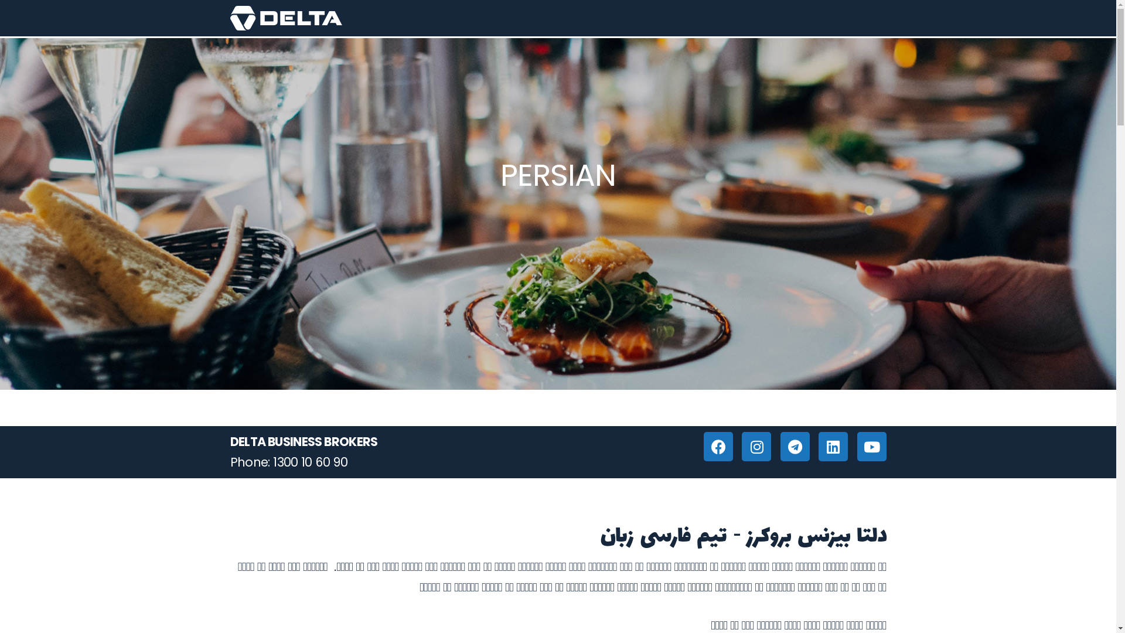 This screenshot has height=633, width=1125. What do you see at coordinates (286, 18) in the screenshot?
I see `'Delta Business Brokers'` at bounding box center [286, 18].